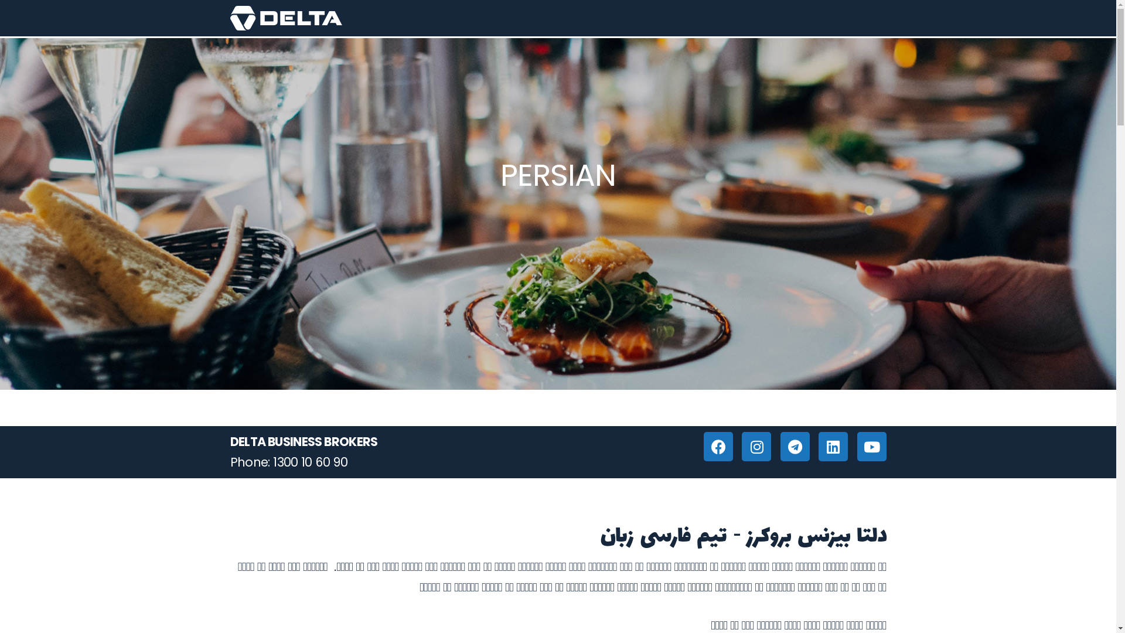 This screenshot has height=633, width=1125. What do you see at coordinates (286, 18) in the screenshot?
I see `'Delta Business Brokers'` at bounding box center [286, 18].